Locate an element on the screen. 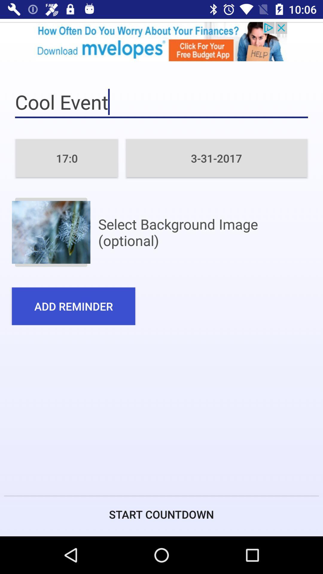 The width and height of the screenshot is (323, 574). it is image which describes cool event is located at coordinates (51, 232).